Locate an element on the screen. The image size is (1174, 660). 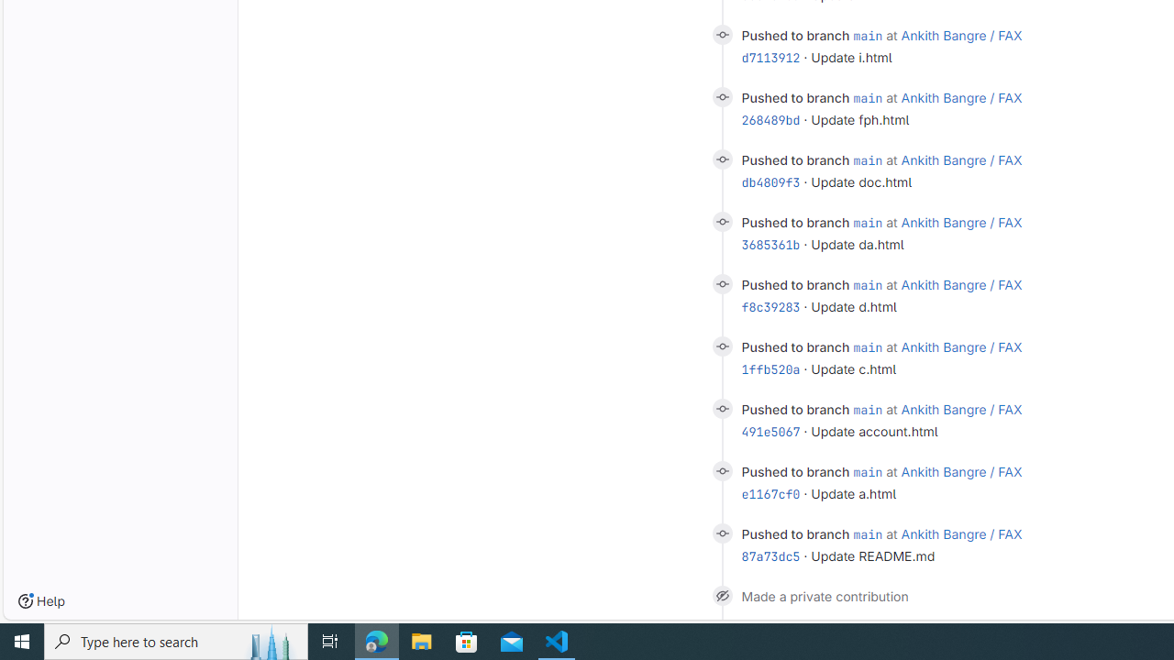
'491e5067' is located at coordinates (770, 432).